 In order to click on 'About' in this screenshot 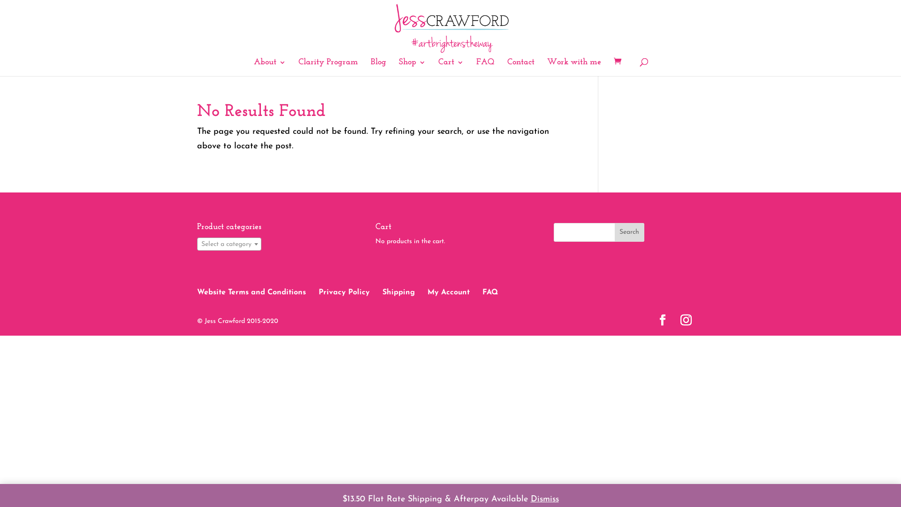, I will do `click(269, 67)`.